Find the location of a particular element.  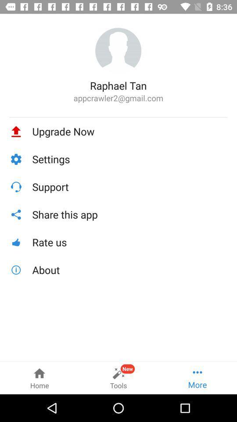

upgrade now item is located at coordinates (129, 131).